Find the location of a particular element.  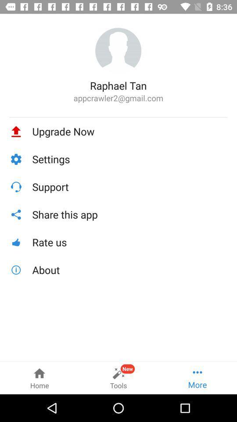

upgrade now item is located at coordinates (129, 131).